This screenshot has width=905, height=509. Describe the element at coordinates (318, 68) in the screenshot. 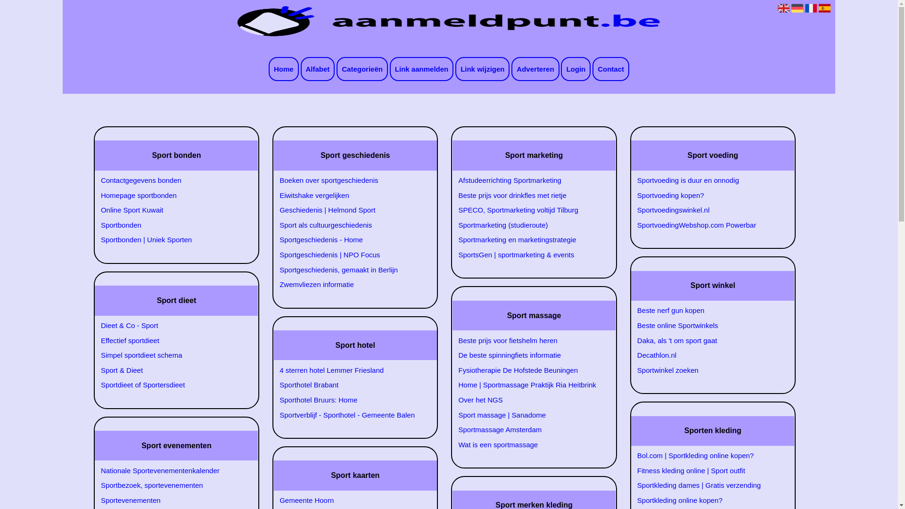

I see `'Alfabet'` at that location.